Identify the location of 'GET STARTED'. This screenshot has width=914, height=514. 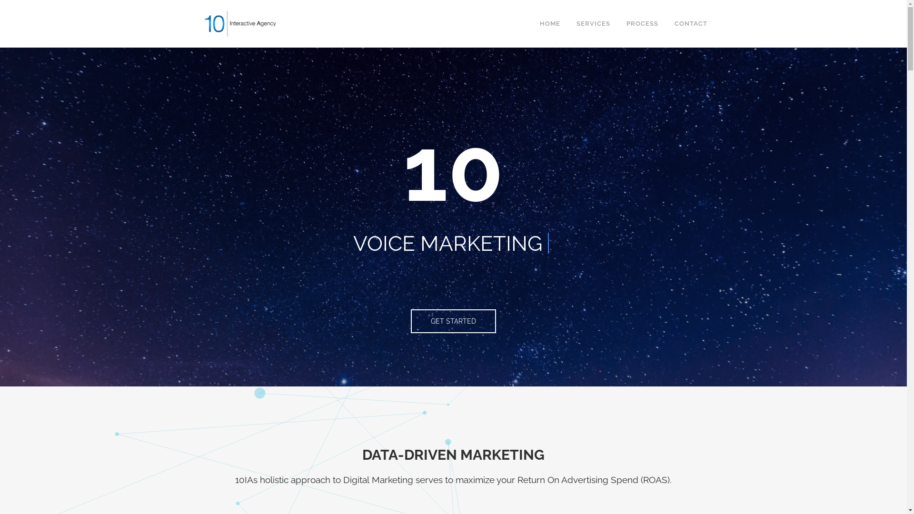
(453, 321).